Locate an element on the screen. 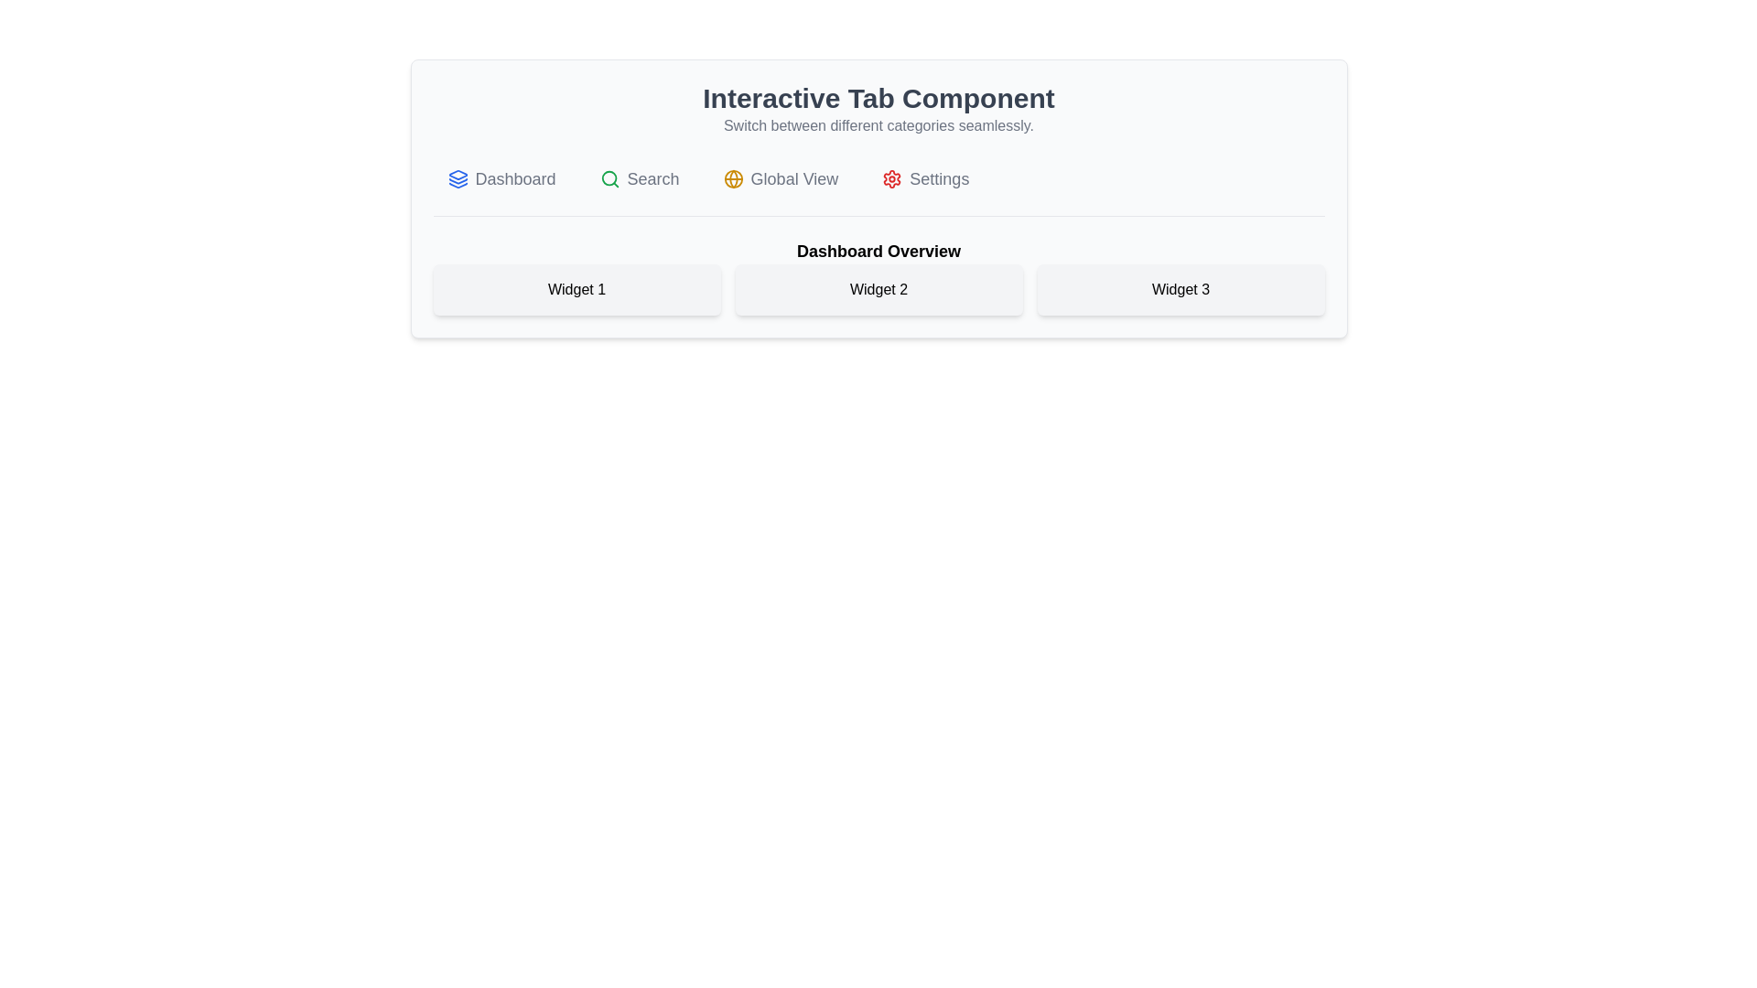 Image resolution: width=1757 pixels, height=988 pixels. the static textual display box that indicates 'Widget 2' information, positioned in the central column of a three-column layout between 'Widget 1' and 'Widget 3' is located at coordinates (878, 288).